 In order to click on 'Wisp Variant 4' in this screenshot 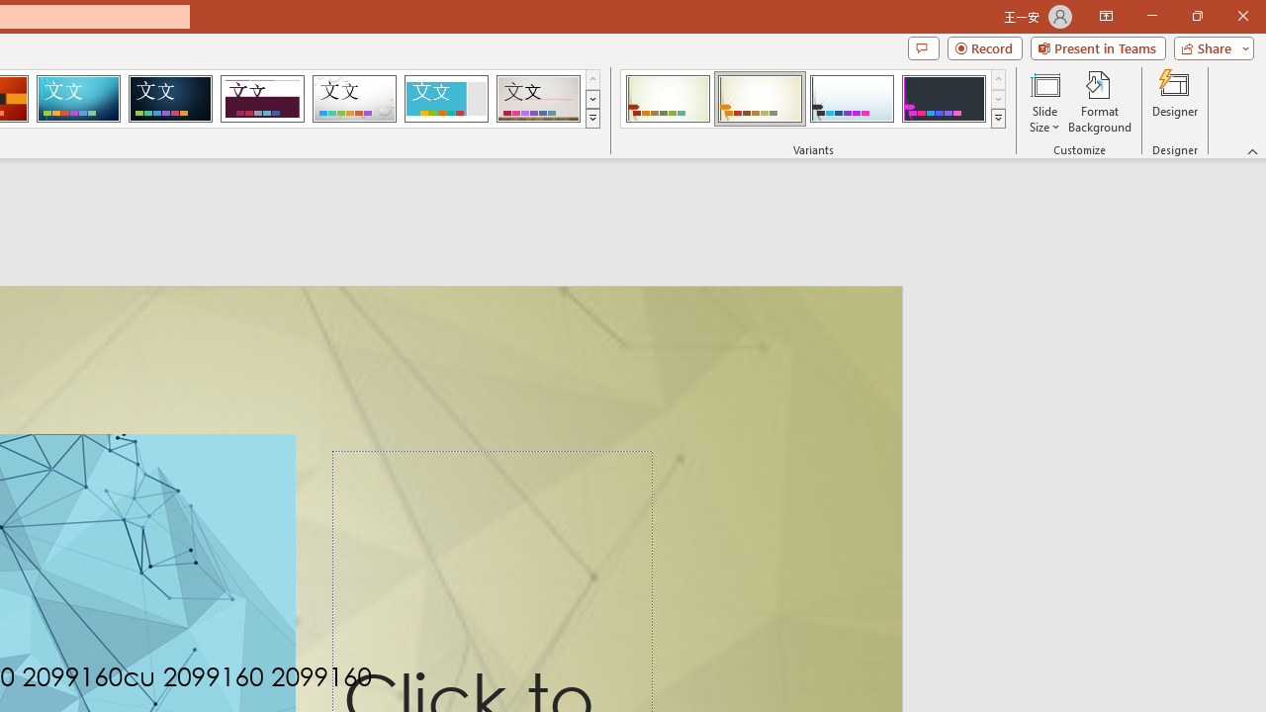, I will do `click(943, 99)`.